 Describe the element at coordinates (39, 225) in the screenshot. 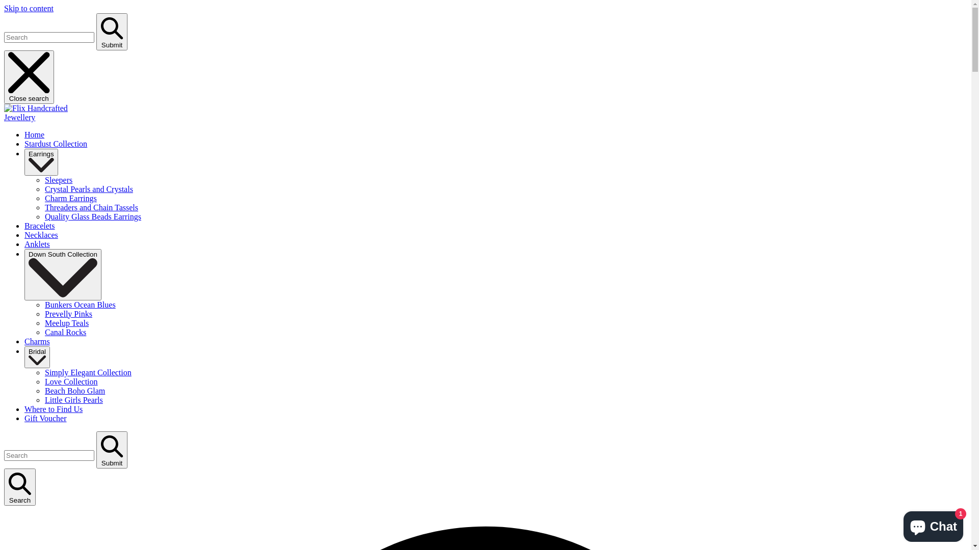

I see `'Bracelets'` at that location.